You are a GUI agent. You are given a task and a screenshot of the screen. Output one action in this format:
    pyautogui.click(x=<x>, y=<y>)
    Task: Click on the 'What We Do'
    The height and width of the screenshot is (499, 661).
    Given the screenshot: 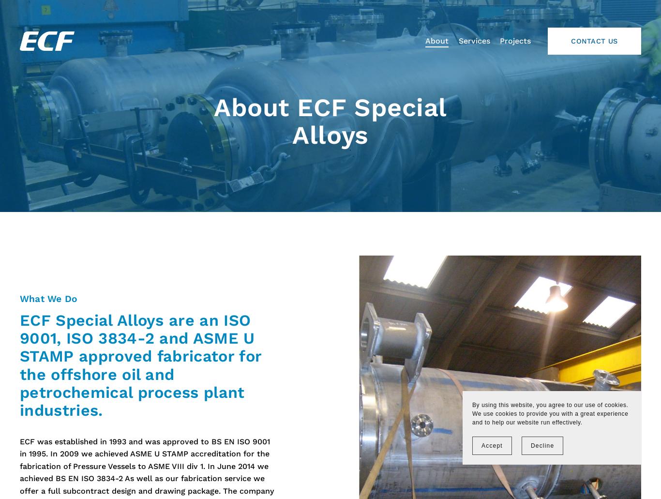 What is the action you would take?
    pyautogui.click(x=48, y=298)
    